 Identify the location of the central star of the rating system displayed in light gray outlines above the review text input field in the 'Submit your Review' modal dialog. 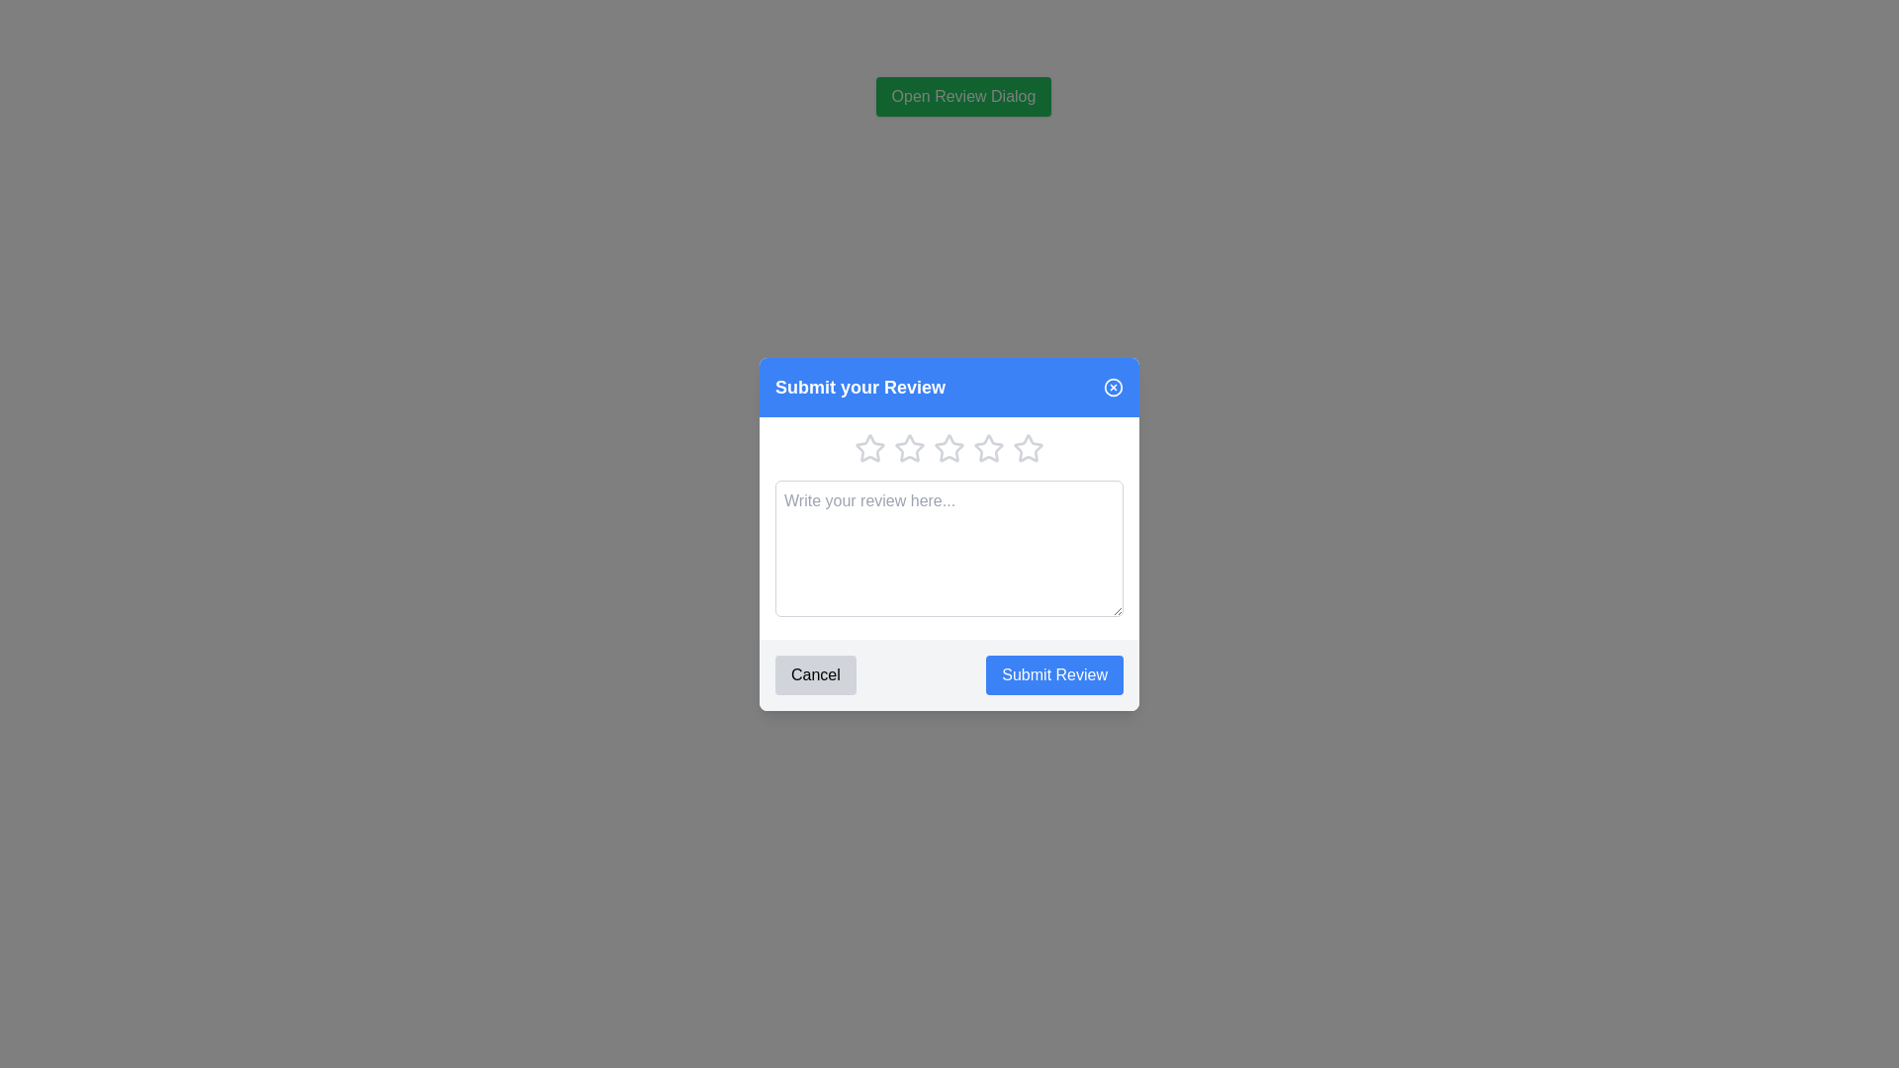
(949, 448).